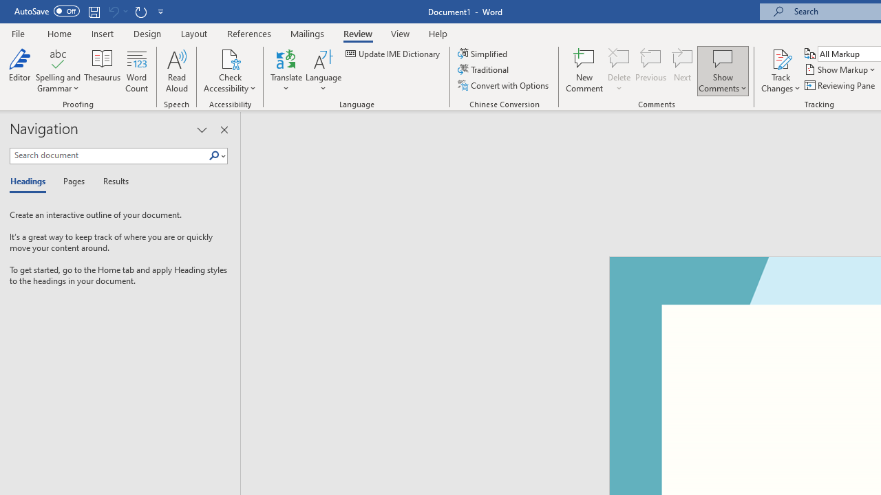  I want to click on 'Pages', so click(72, 181).